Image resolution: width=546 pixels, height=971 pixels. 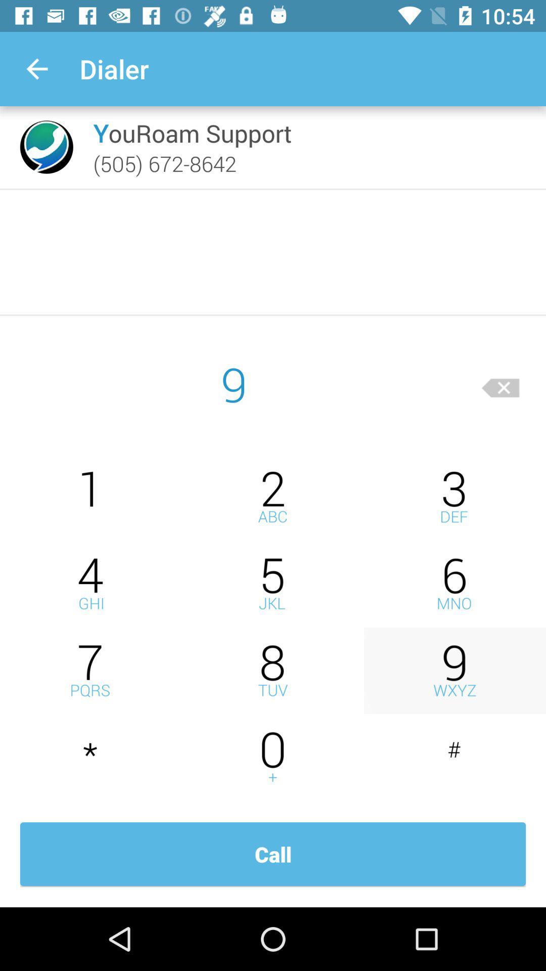 I want to click on click the number 4, so click(x=91, y=584).